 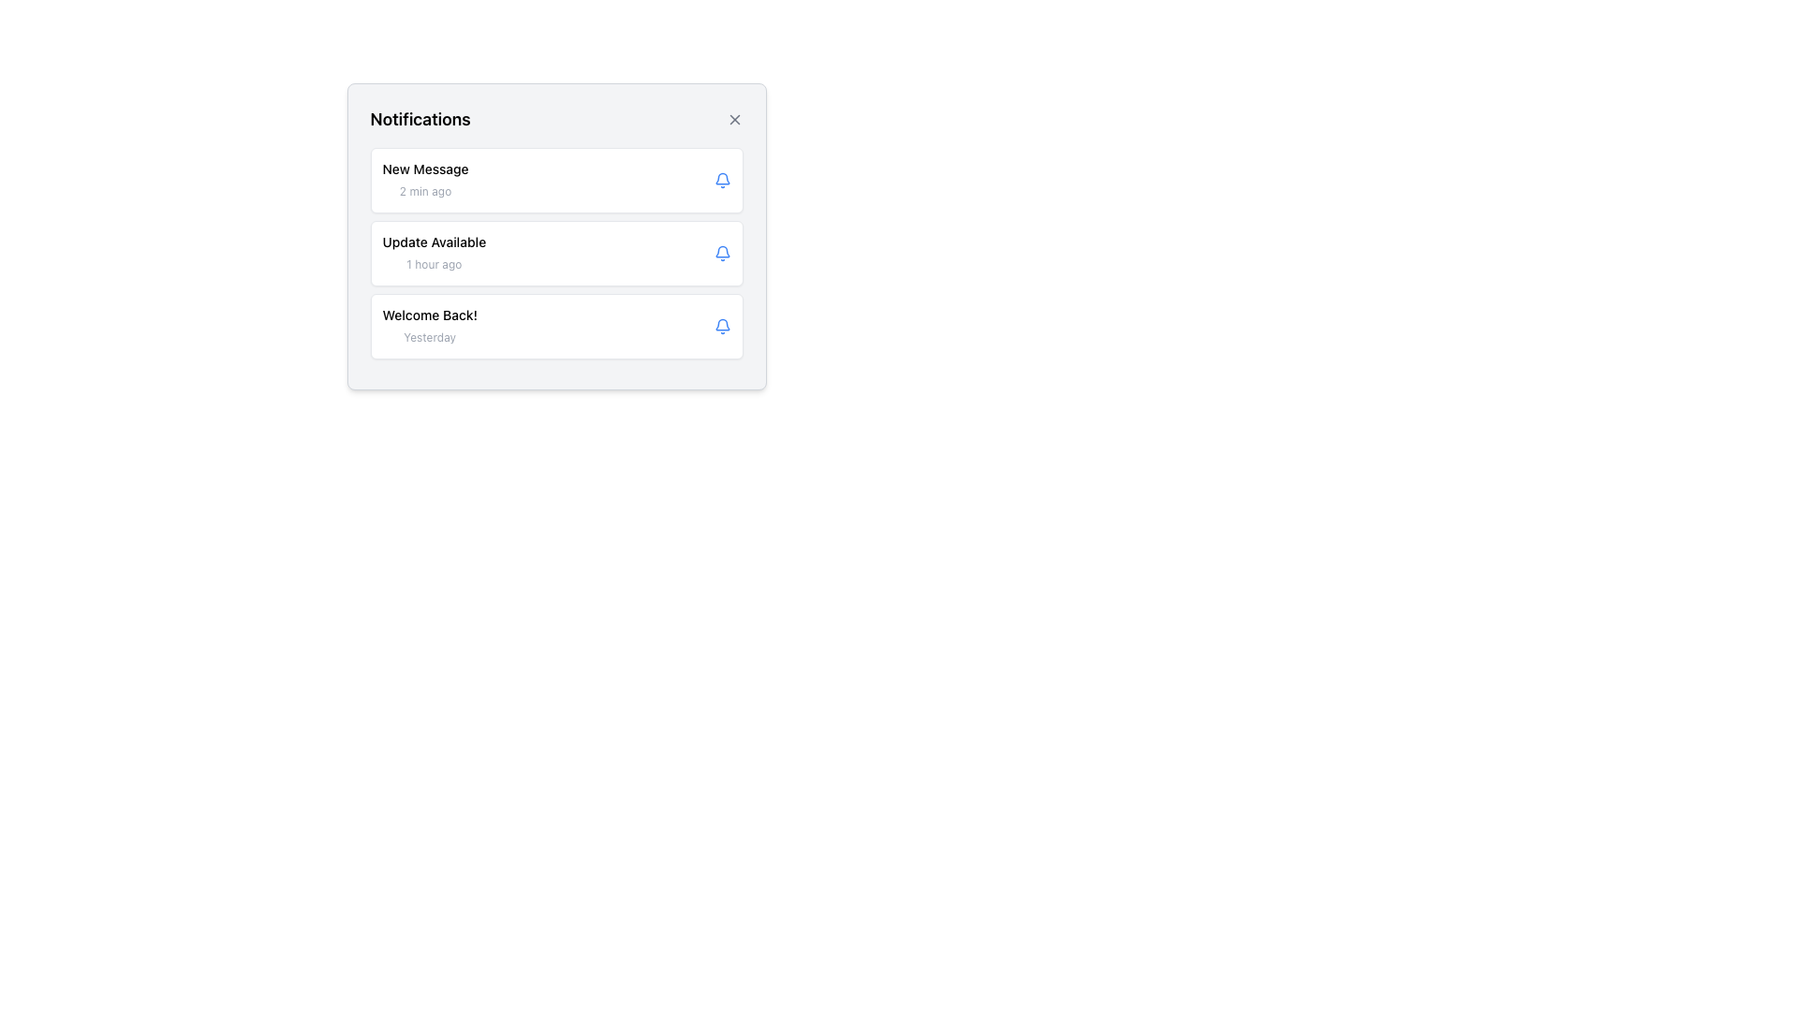 I want to click on notification entry that indicates 'Update Available' and was received '1 hour ago', positioned as the second item in the notification panel, so click(x=555, y=253).